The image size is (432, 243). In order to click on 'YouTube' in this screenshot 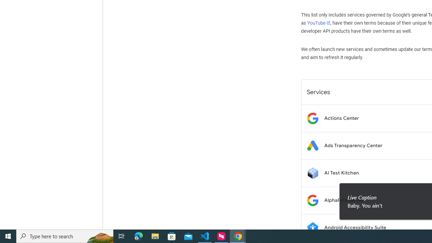, I will do `click(318, 23)`.